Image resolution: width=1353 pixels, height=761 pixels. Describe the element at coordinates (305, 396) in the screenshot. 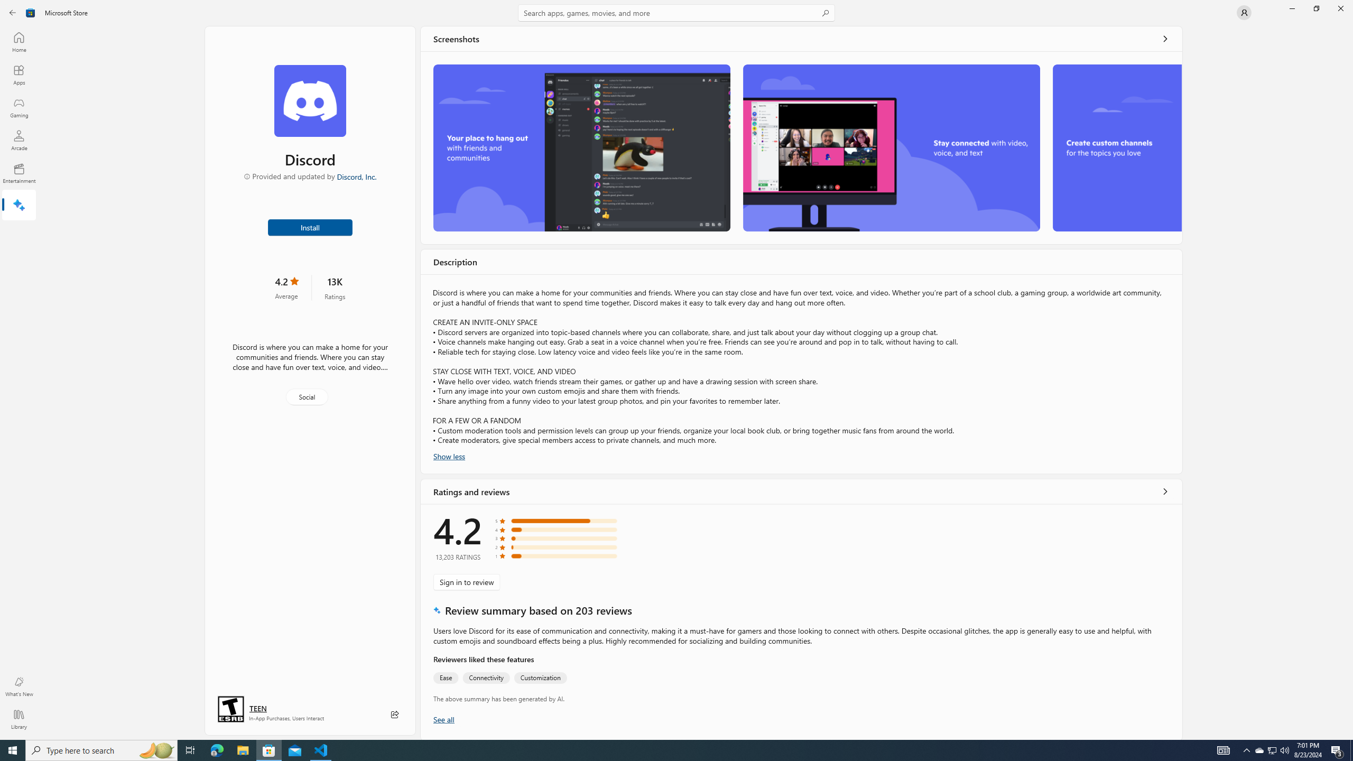

I see `'Social'` at that location.